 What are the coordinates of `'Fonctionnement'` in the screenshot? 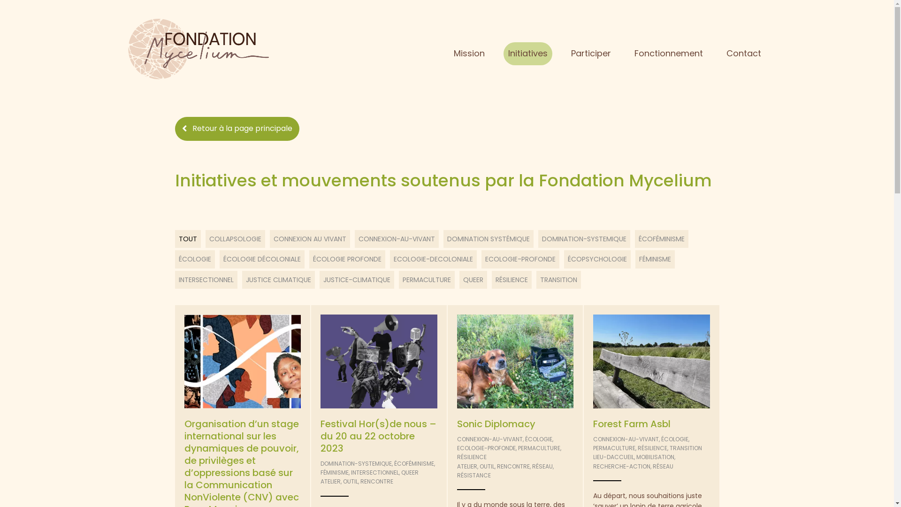 It's located at (668, 54).